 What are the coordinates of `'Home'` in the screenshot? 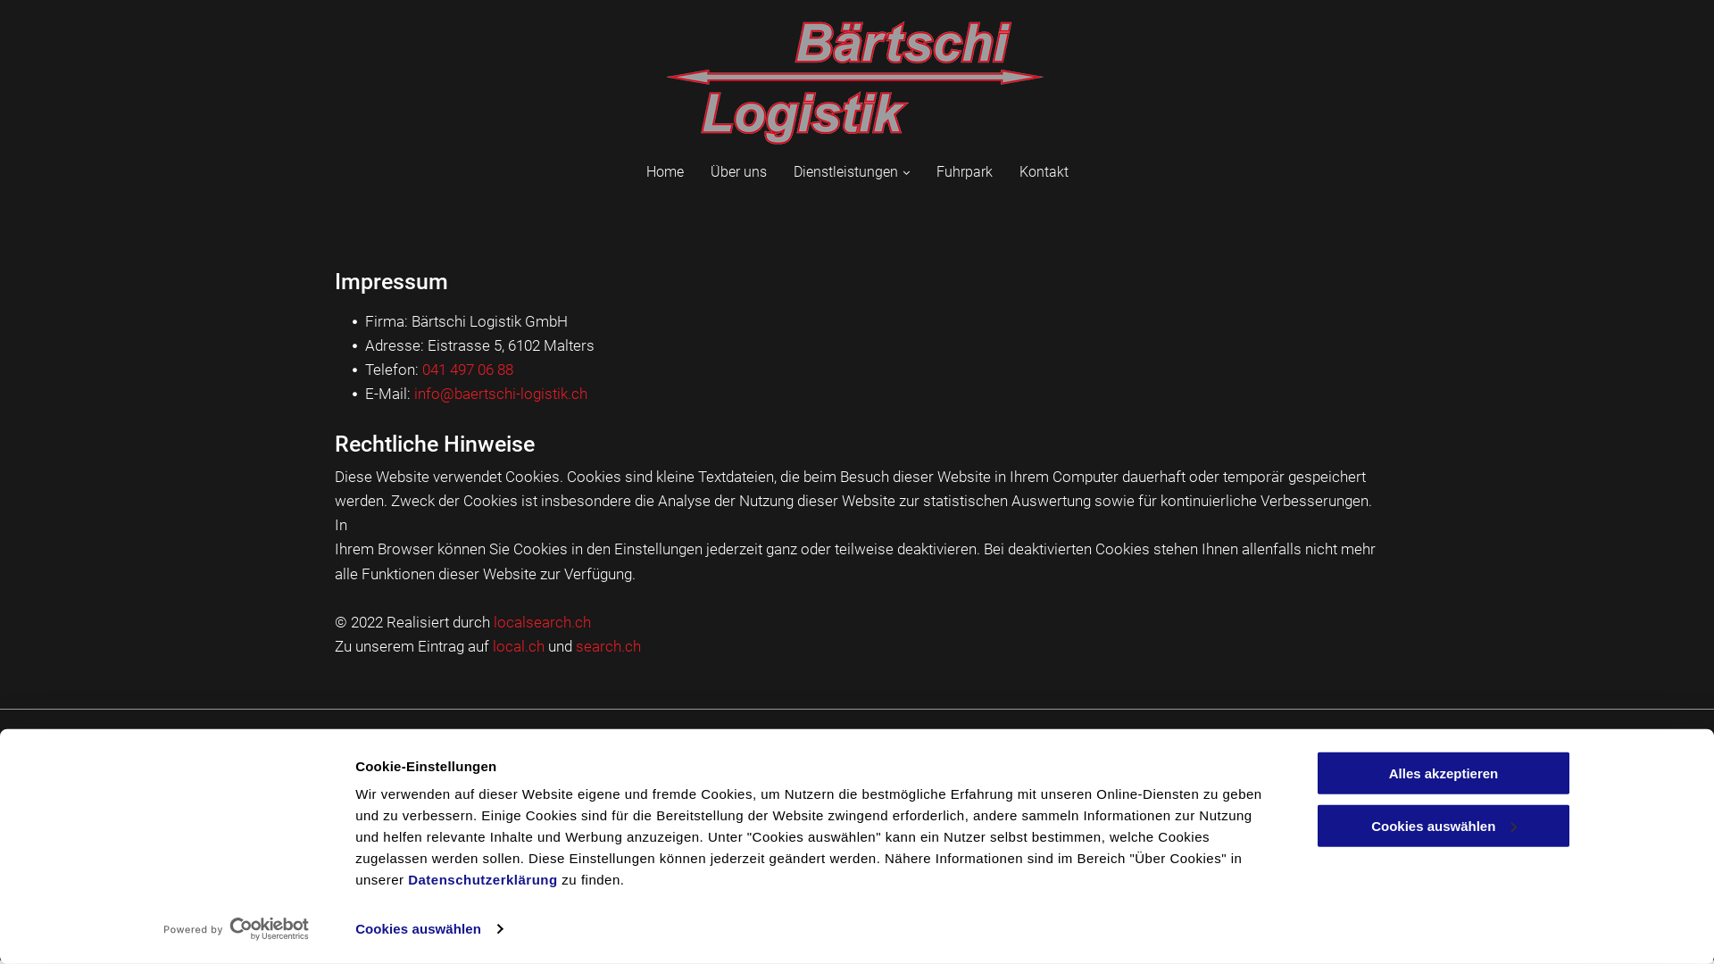 It's located at (632, 171).